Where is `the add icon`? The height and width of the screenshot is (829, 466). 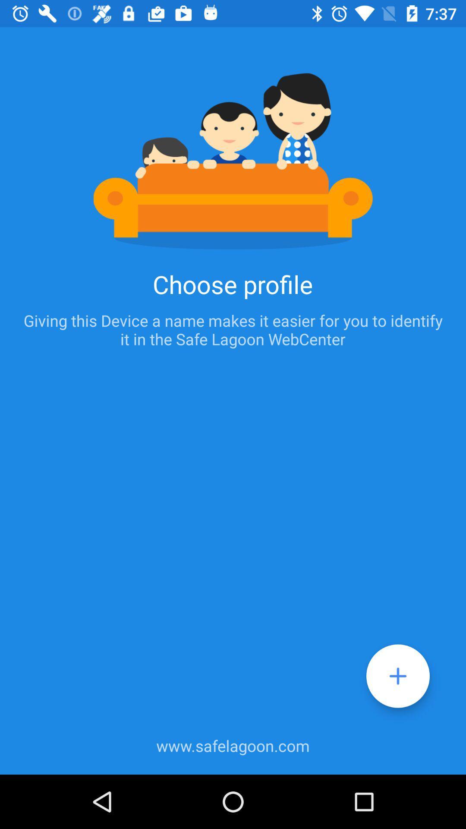 the add icon is located at coordinates (398, 675).